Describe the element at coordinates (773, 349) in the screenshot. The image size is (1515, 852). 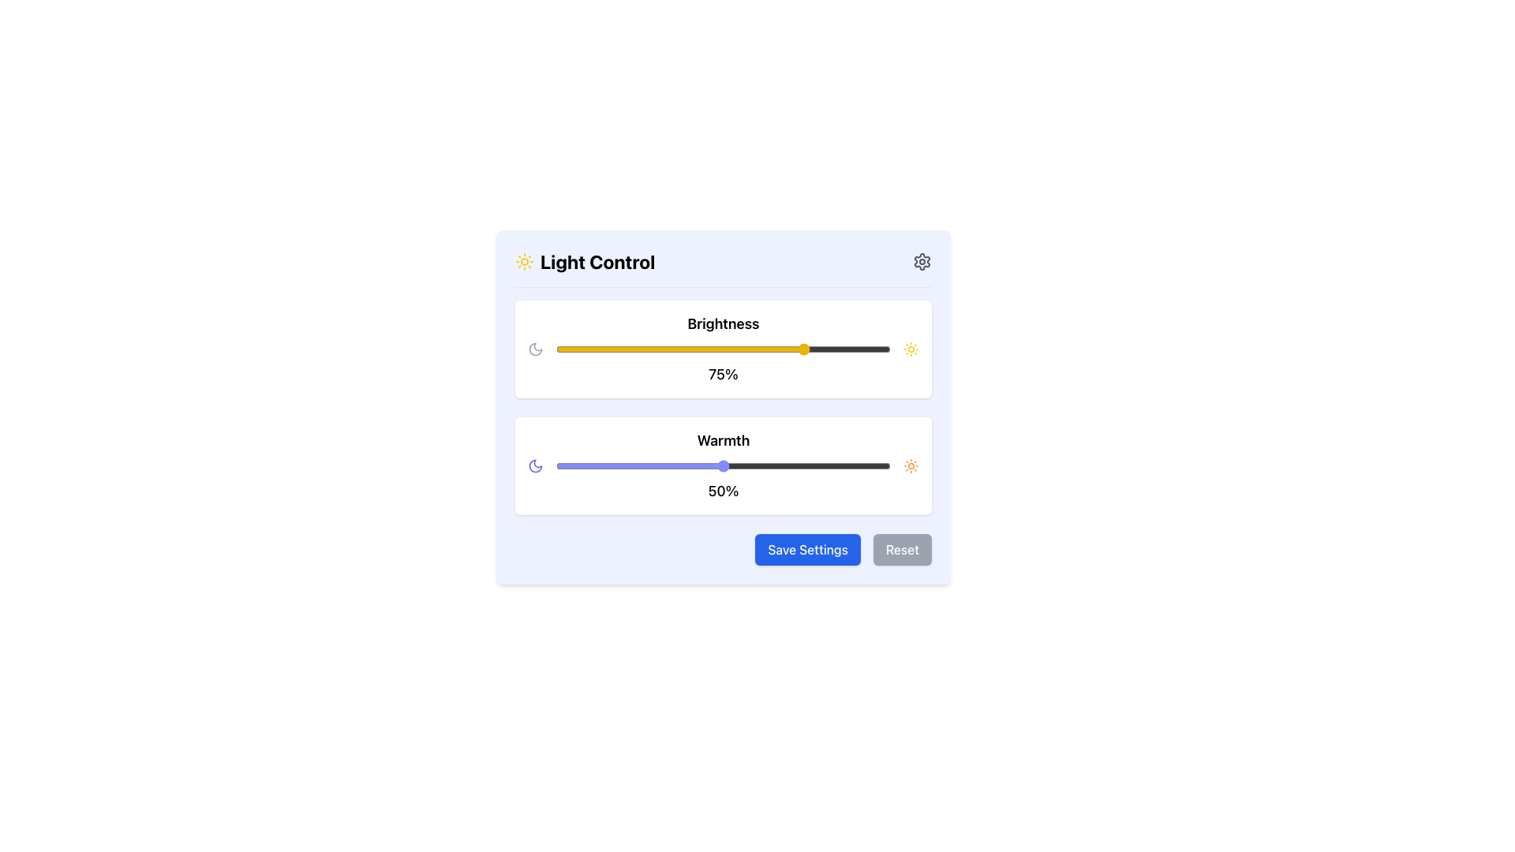
I see `brightness` at that location.